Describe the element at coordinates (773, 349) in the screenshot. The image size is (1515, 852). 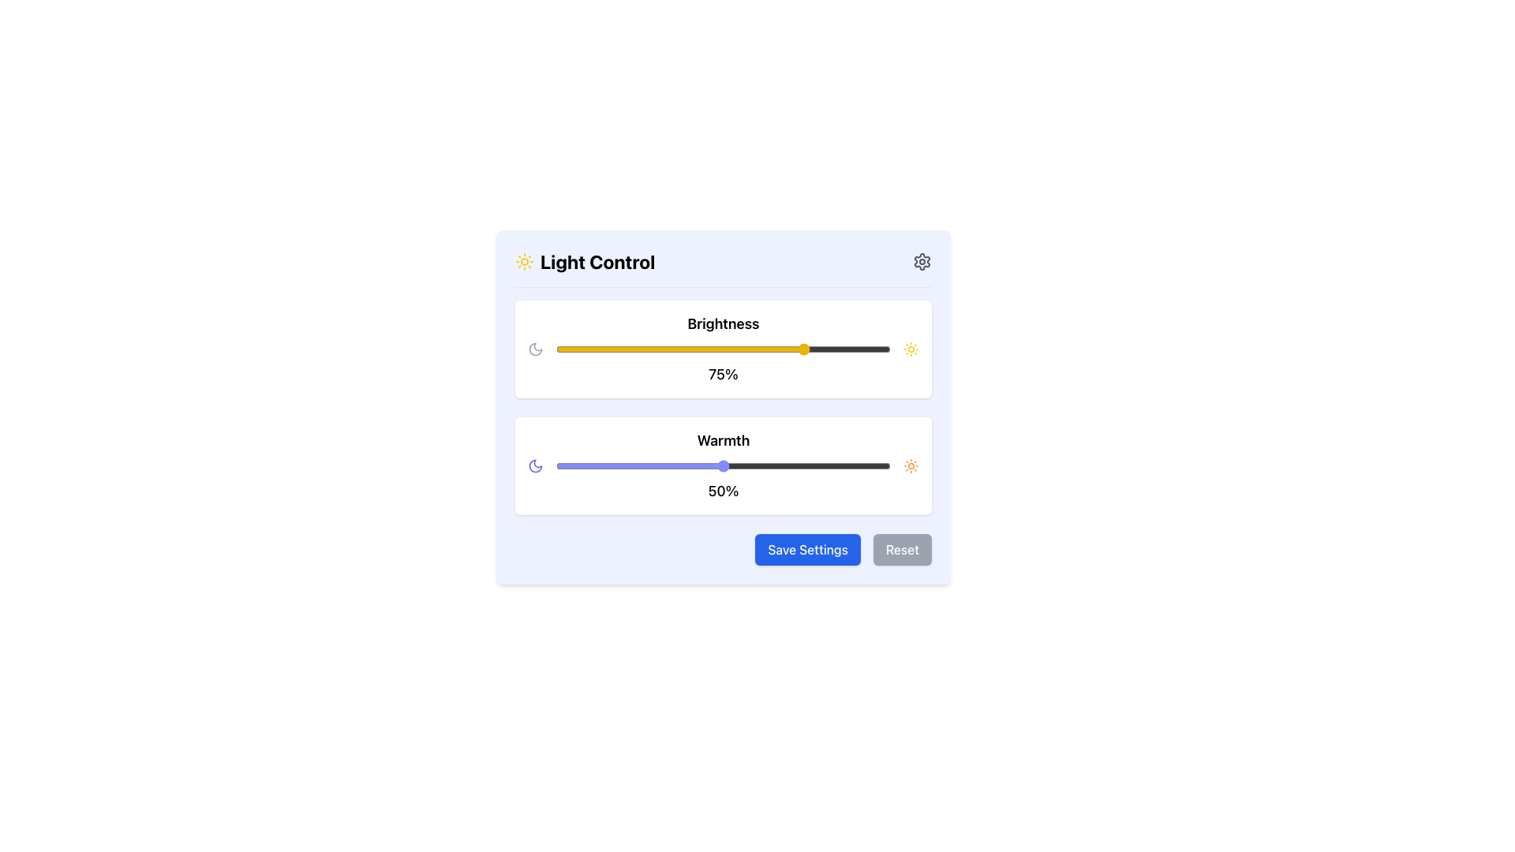
I see `brightness` at that location.